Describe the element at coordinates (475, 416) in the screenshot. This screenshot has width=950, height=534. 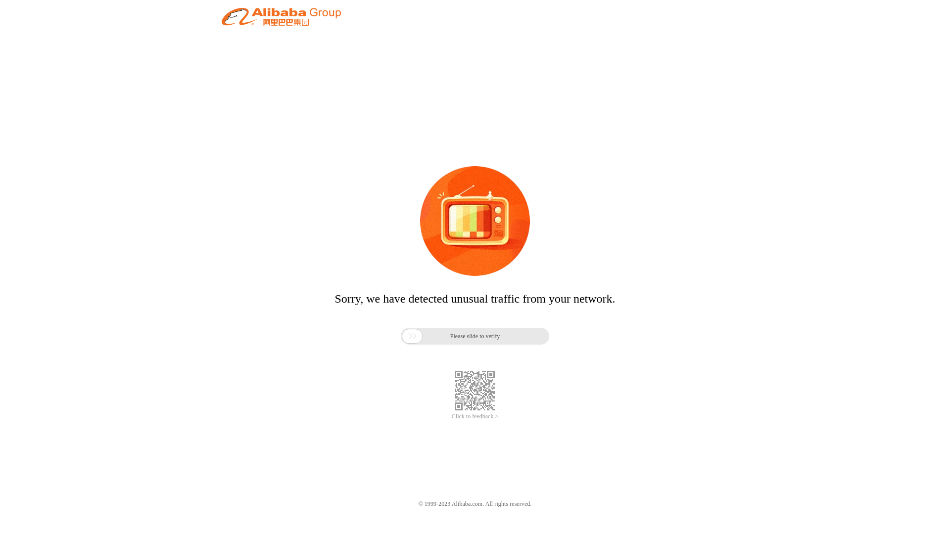
I see `'Click to feedback >'` at that location.